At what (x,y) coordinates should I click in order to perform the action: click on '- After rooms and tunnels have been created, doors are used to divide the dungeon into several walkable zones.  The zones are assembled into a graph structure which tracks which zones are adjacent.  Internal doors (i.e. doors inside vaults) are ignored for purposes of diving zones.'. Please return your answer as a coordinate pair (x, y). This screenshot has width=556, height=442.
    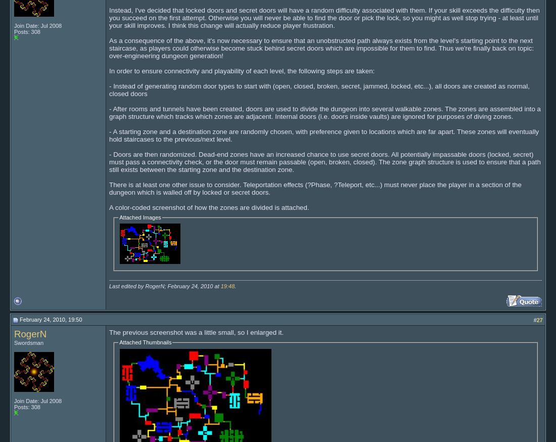
    Looking at the image, I should click on (325, 112).